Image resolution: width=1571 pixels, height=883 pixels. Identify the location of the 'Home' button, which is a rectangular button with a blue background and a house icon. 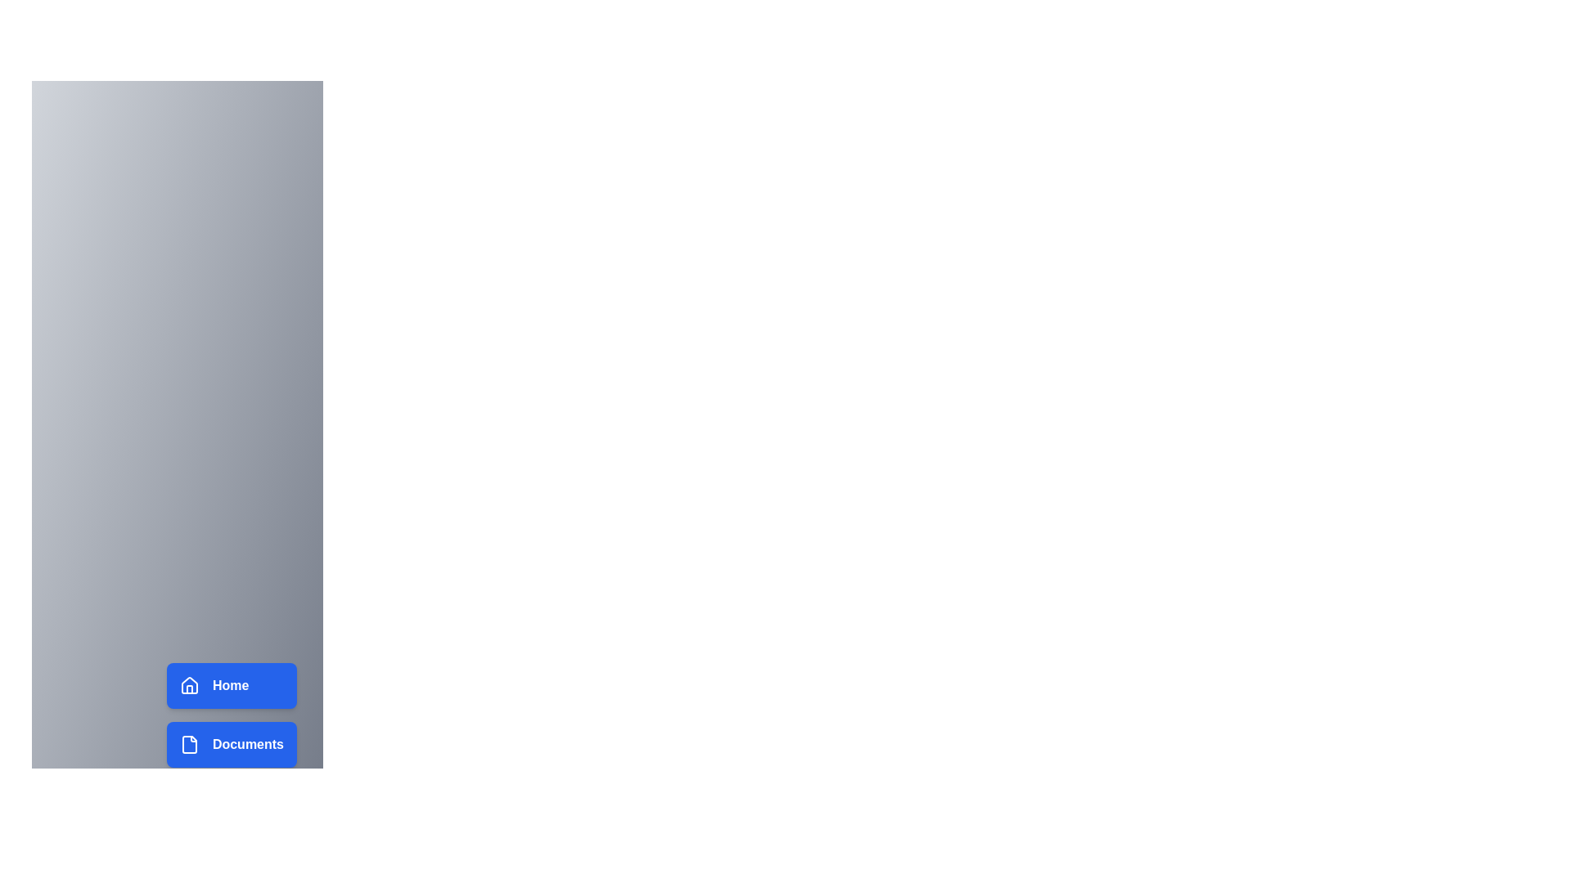
(231, 686).